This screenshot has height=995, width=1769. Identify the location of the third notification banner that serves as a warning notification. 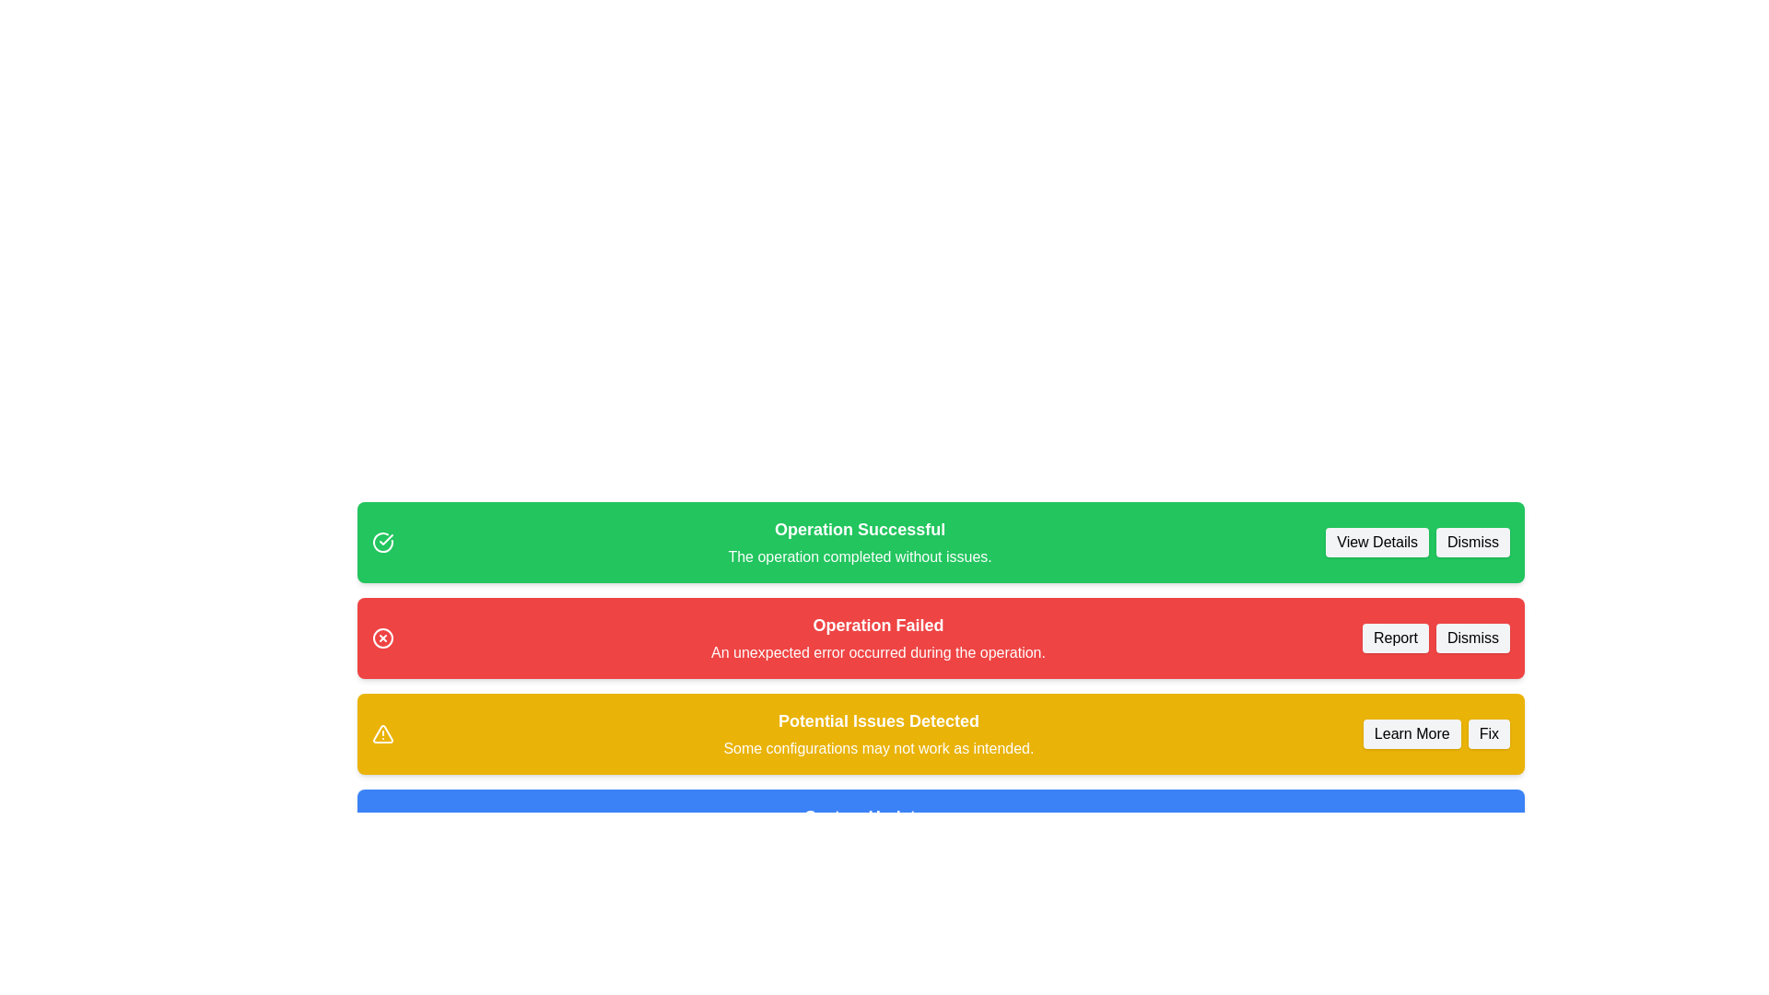
(941, 733).